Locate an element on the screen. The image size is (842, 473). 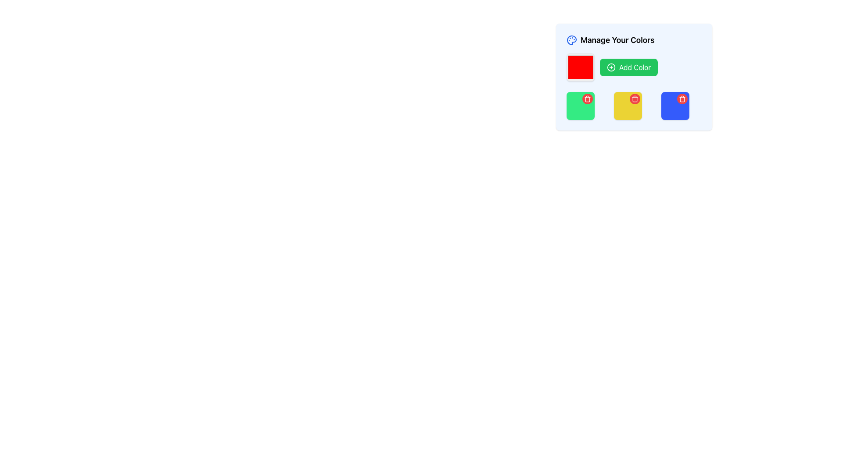
the icon representing the action to add a color, which is located inside the 'Add Color' button, to the left of the label text and centered vertically within the button is located at coordinates (610, 67).